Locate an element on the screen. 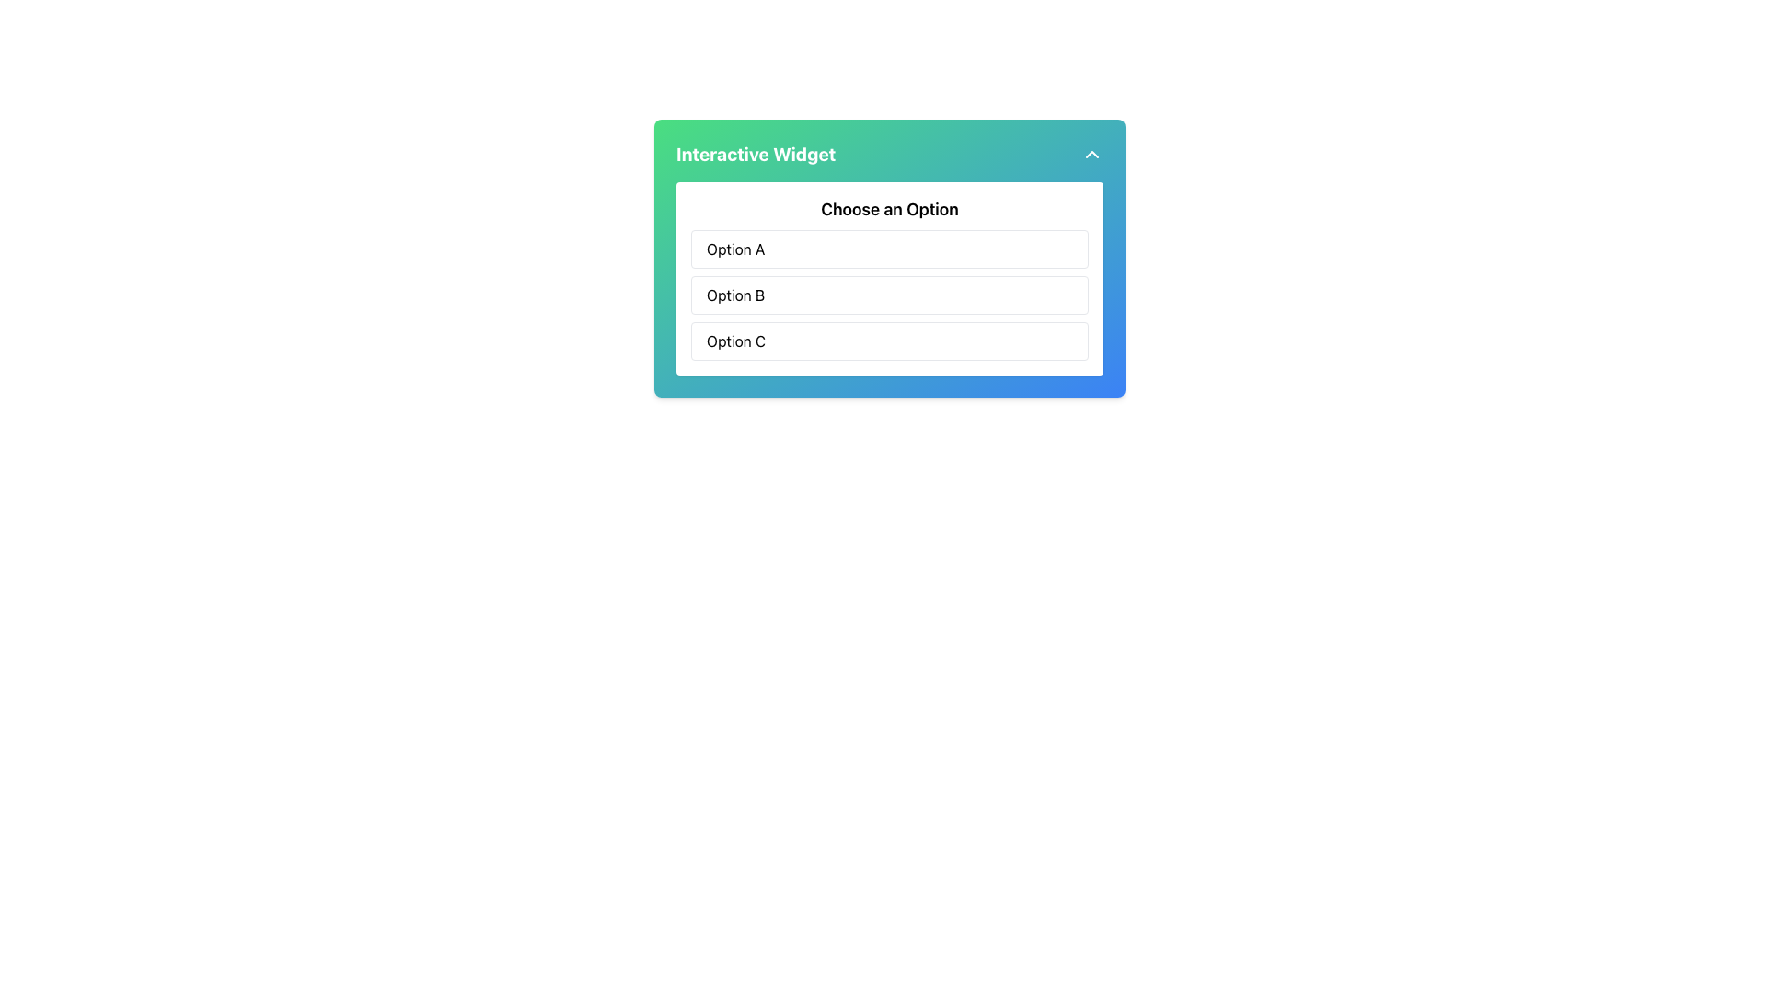 The image size is (1767, 994). the 'Option C' button, which is a rectangular interactive button with a white background and rounded corners, positioned as the last option in a vertical stack of buttons is located at coordinates (889, 341).